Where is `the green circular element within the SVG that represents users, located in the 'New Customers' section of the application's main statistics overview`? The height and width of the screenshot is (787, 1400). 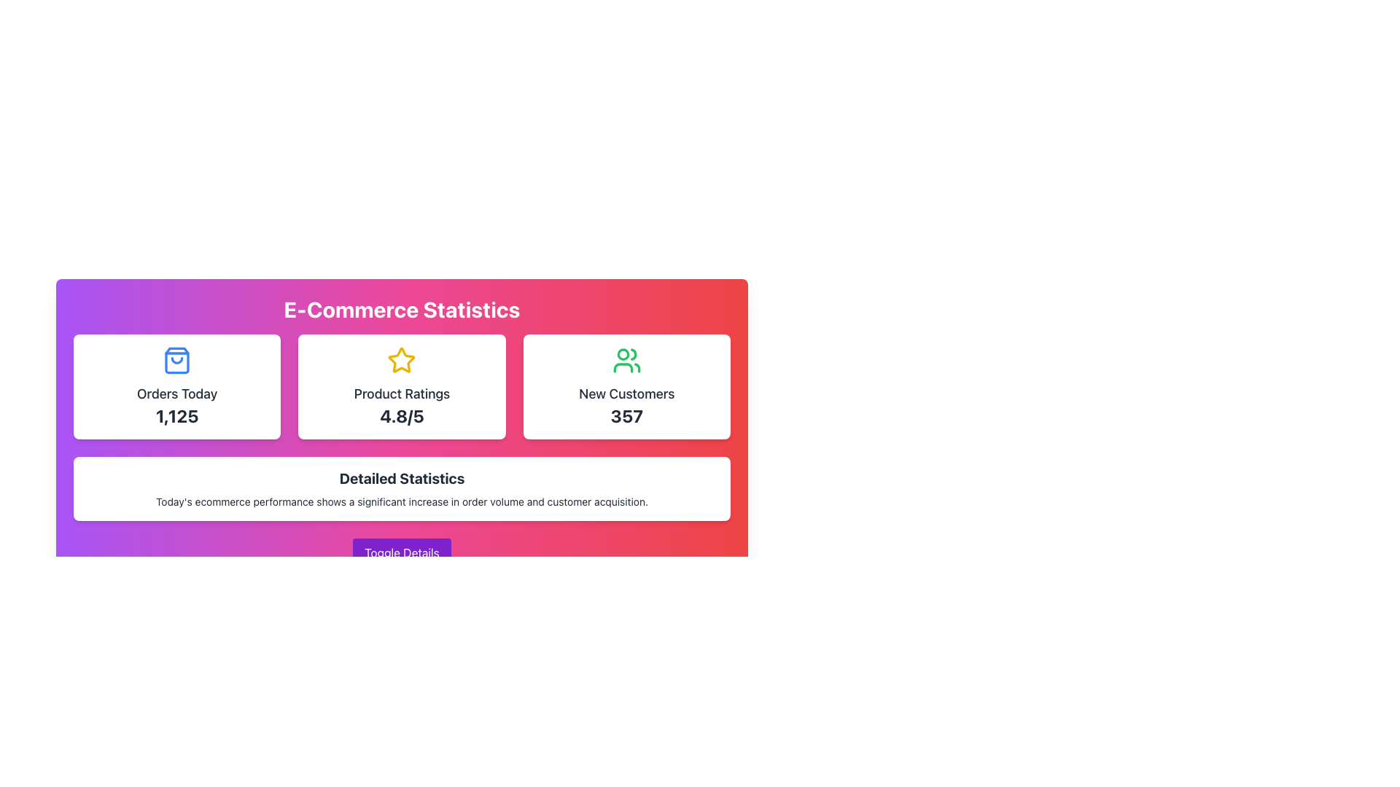
the green circular element within the SVG that represents users, located in the 'New Customers' section of the application's main statistics overview is located at coordinates (623, 354).